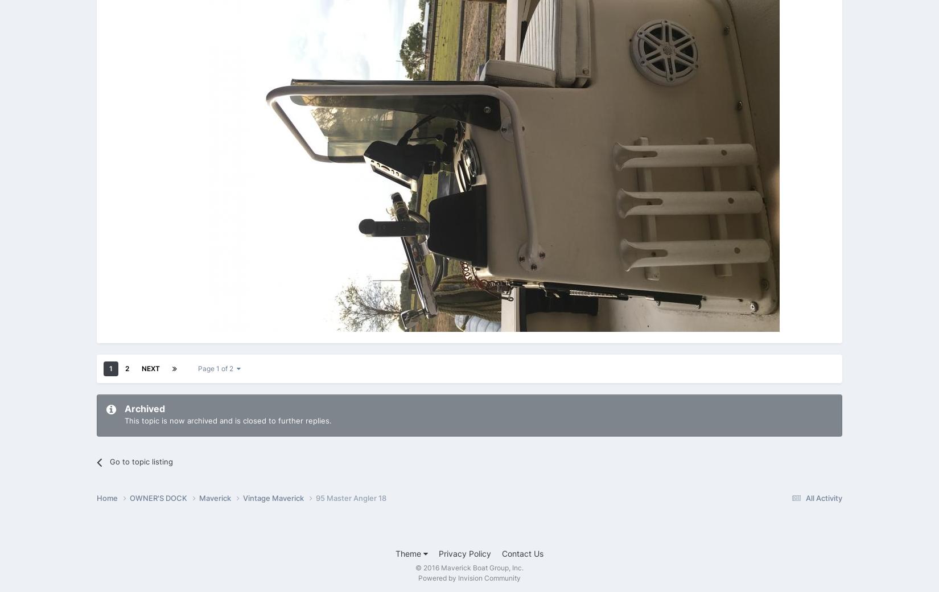 This screenshot has width=939, height=592. What do you see at coordinates (522, 553) in the screenshot?
I see `'Contact Us'` at bounding box center [522, 553].